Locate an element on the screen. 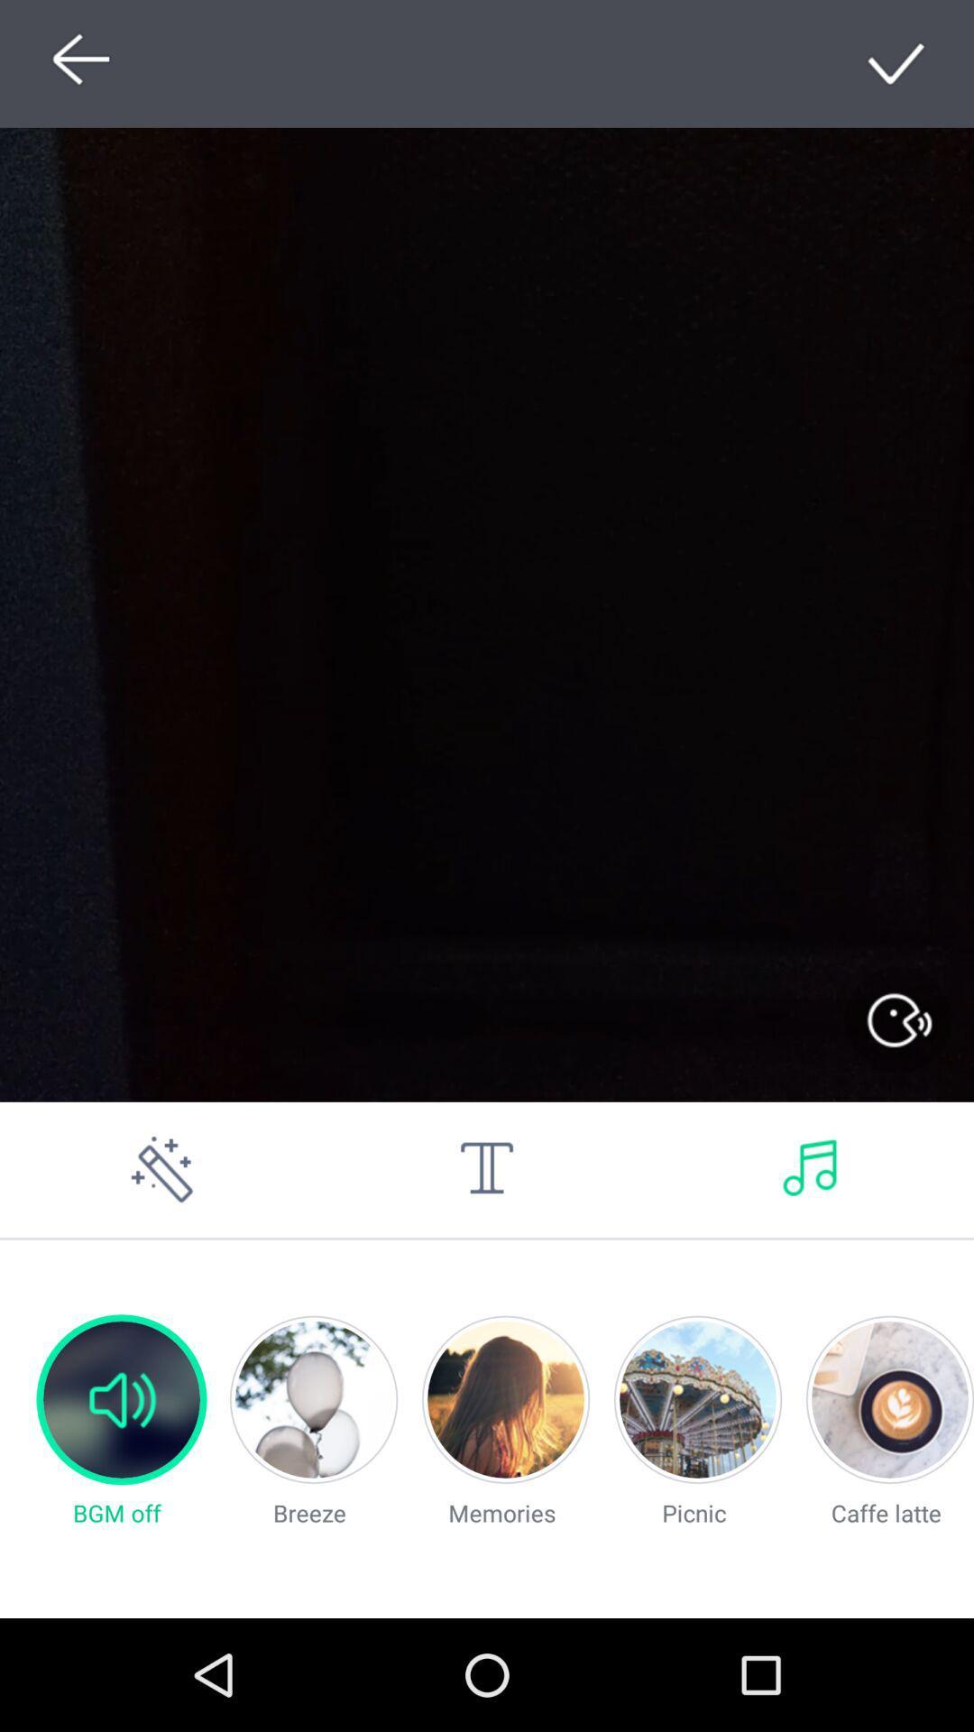  edit option is located at coordinates (162, 1169).